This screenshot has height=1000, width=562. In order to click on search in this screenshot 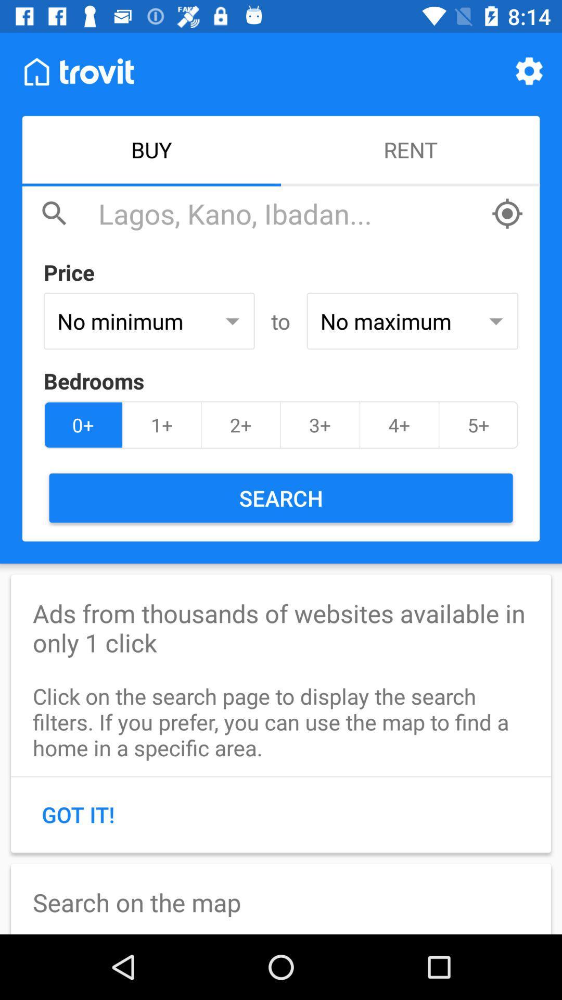, I will do `click(289, 213)`.